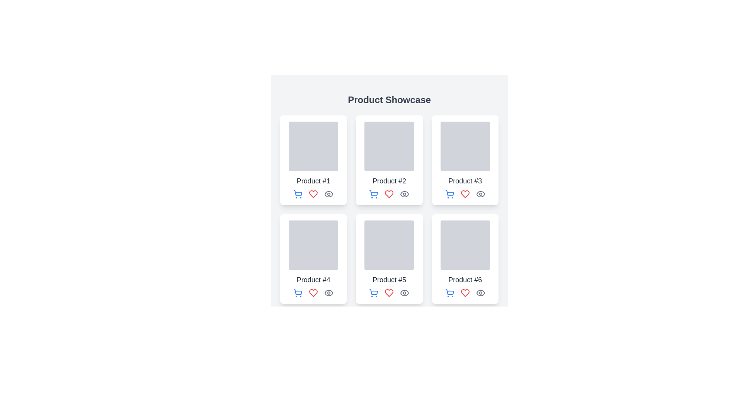 The width and height of the screenshot is (742, 417). I want to click on the shopping cart icon, which is the first icon in a group of three below 'Product #2', so click(374, 193).